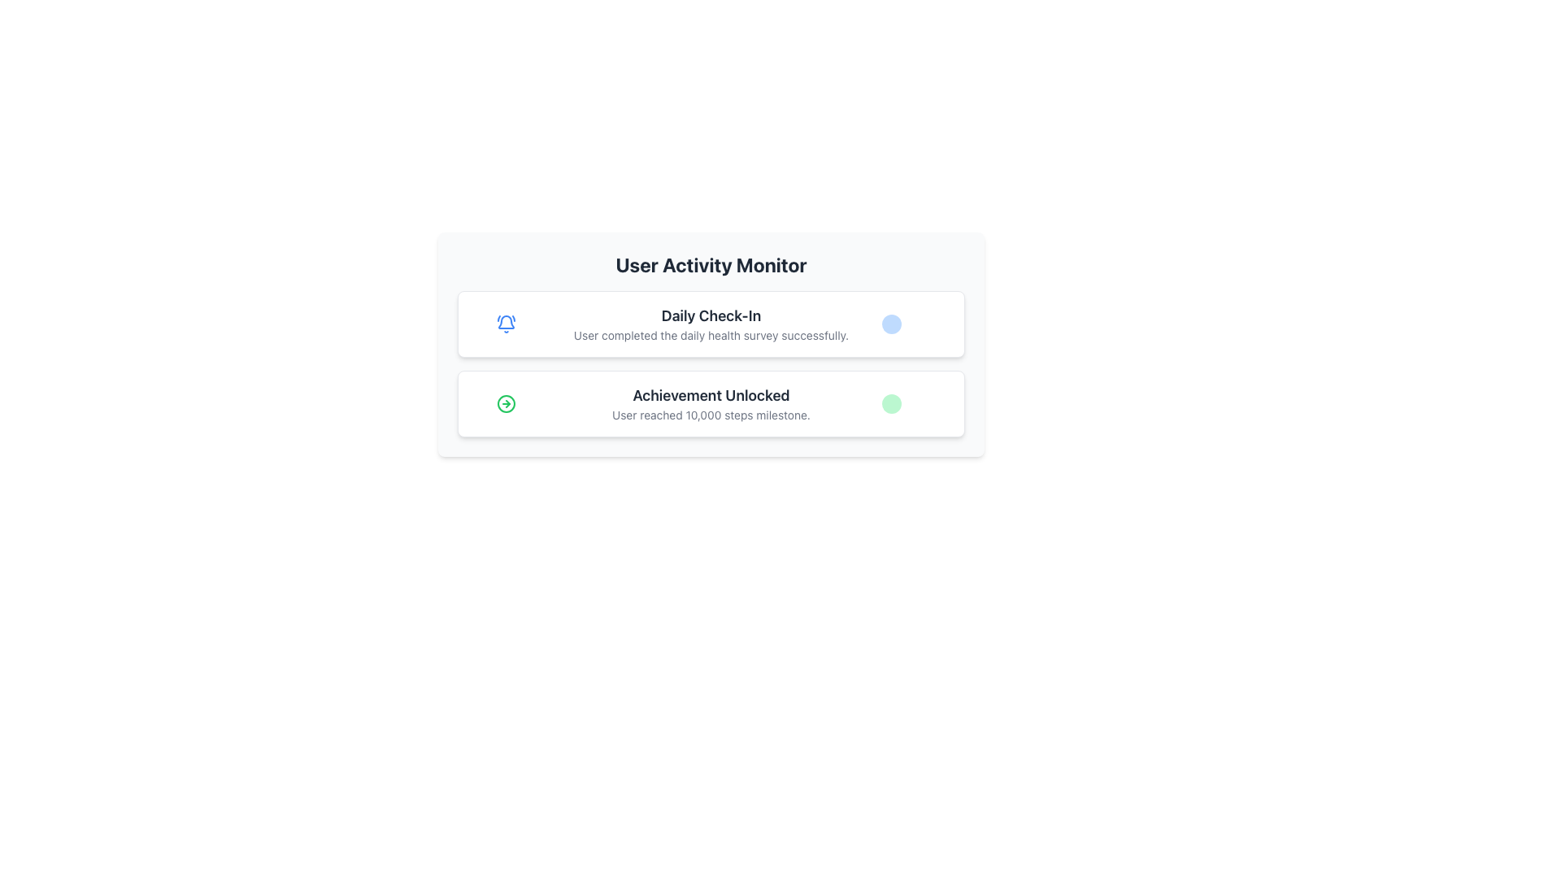  What do you see at coordinates (891, 324) in the screenshot?
I see `the Status Indicator for the 'Daily Check-In', which denotes 'active' status and is positioned on the right side of the row next to the status description` at bounding box center [891, 324].